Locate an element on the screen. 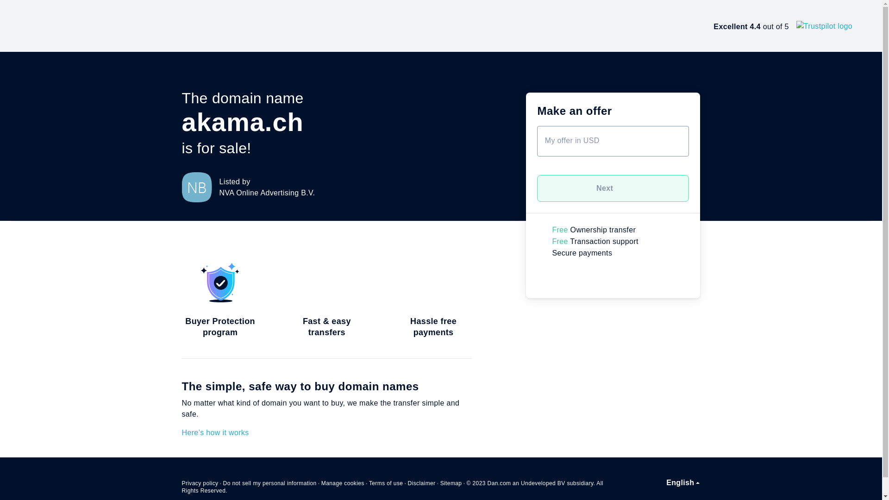 The image size is (889, 500). 'Terms of use' is located at coordinates (386, 483).